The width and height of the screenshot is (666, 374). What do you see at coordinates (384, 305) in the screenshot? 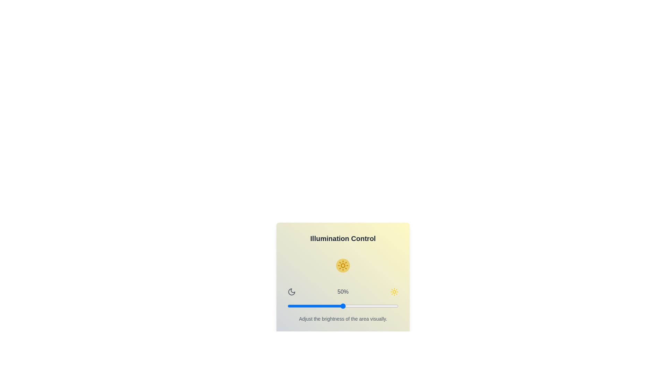
I see `the brightness slider to 87%` at bounding box center [384, 305].